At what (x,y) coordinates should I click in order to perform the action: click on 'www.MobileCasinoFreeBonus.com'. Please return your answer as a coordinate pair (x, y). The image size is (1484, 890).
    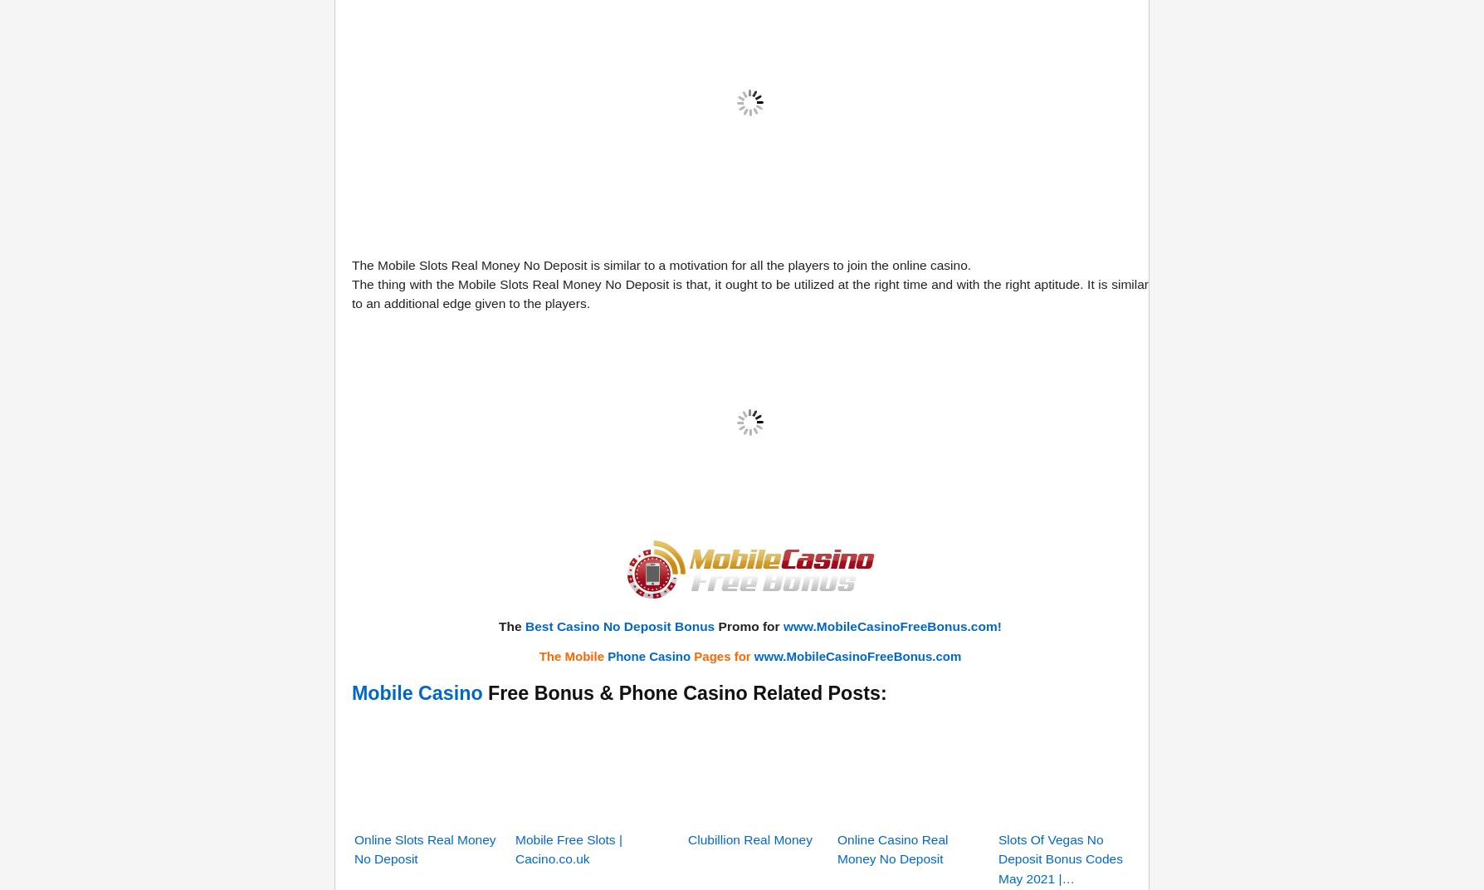
    Looking at the image, I should click on (857, 447).